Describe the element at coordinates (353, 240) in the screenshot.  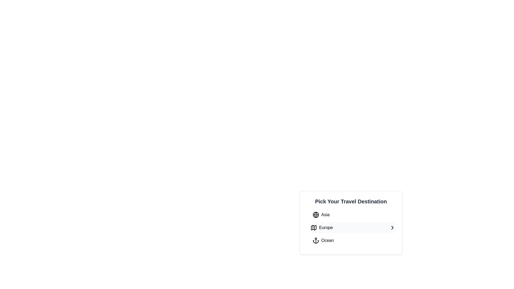
I see `the selectable item labeled 'Ocean' which is the last option in the vertical list titled 'Pick Your Travel Destination'` at that location.